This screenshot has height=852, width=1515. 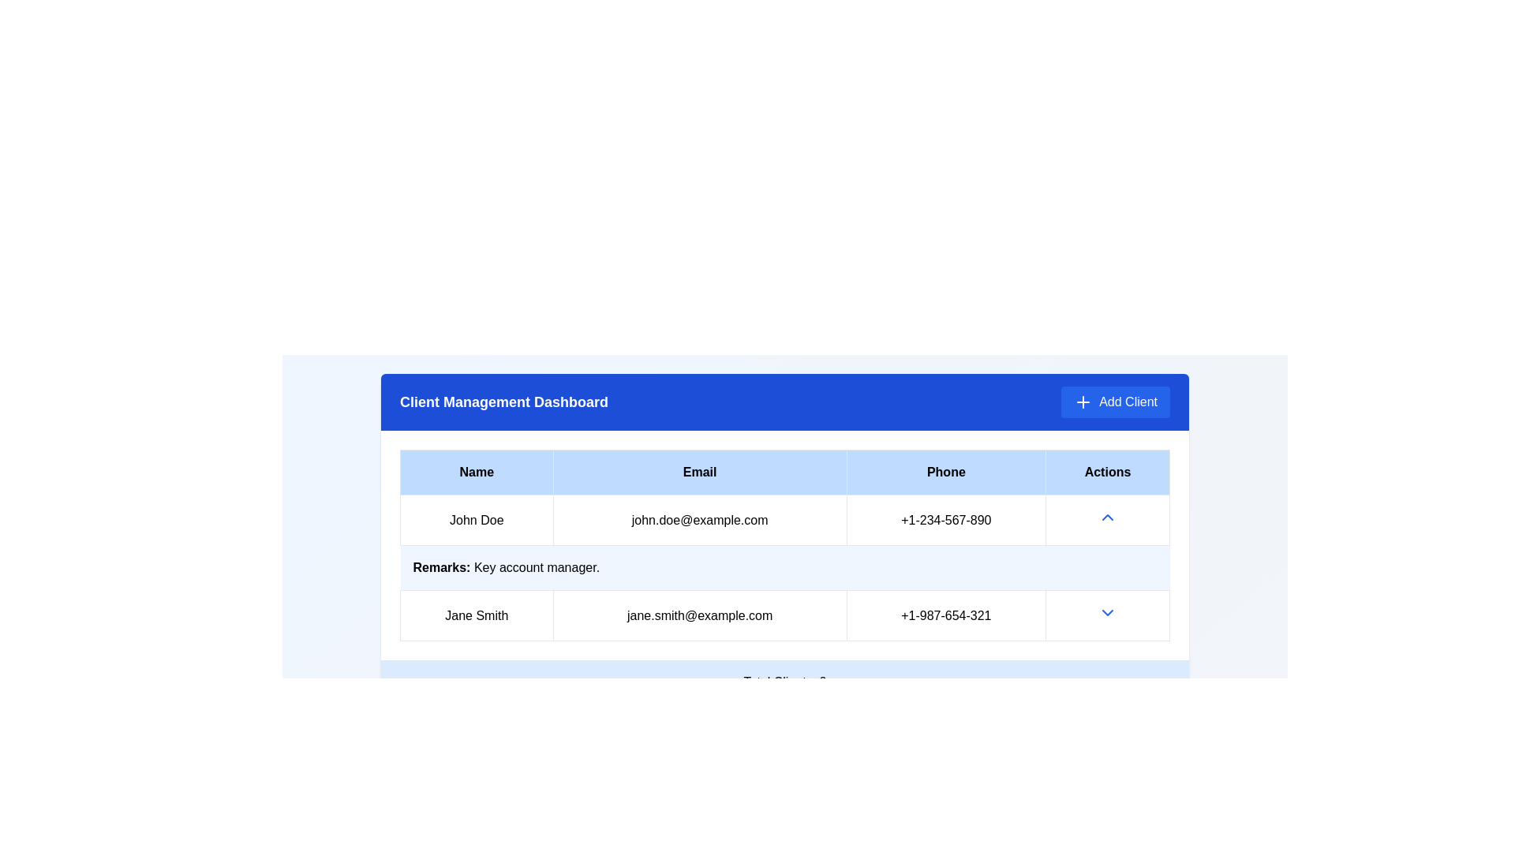 What do you see at coordinates (699, 471) in the screenshot?
I see `the 'Email' header label in the second column of the data table, which is positioned between the 'Name' and 'Phone' headers` at bounding box center [699, 471].